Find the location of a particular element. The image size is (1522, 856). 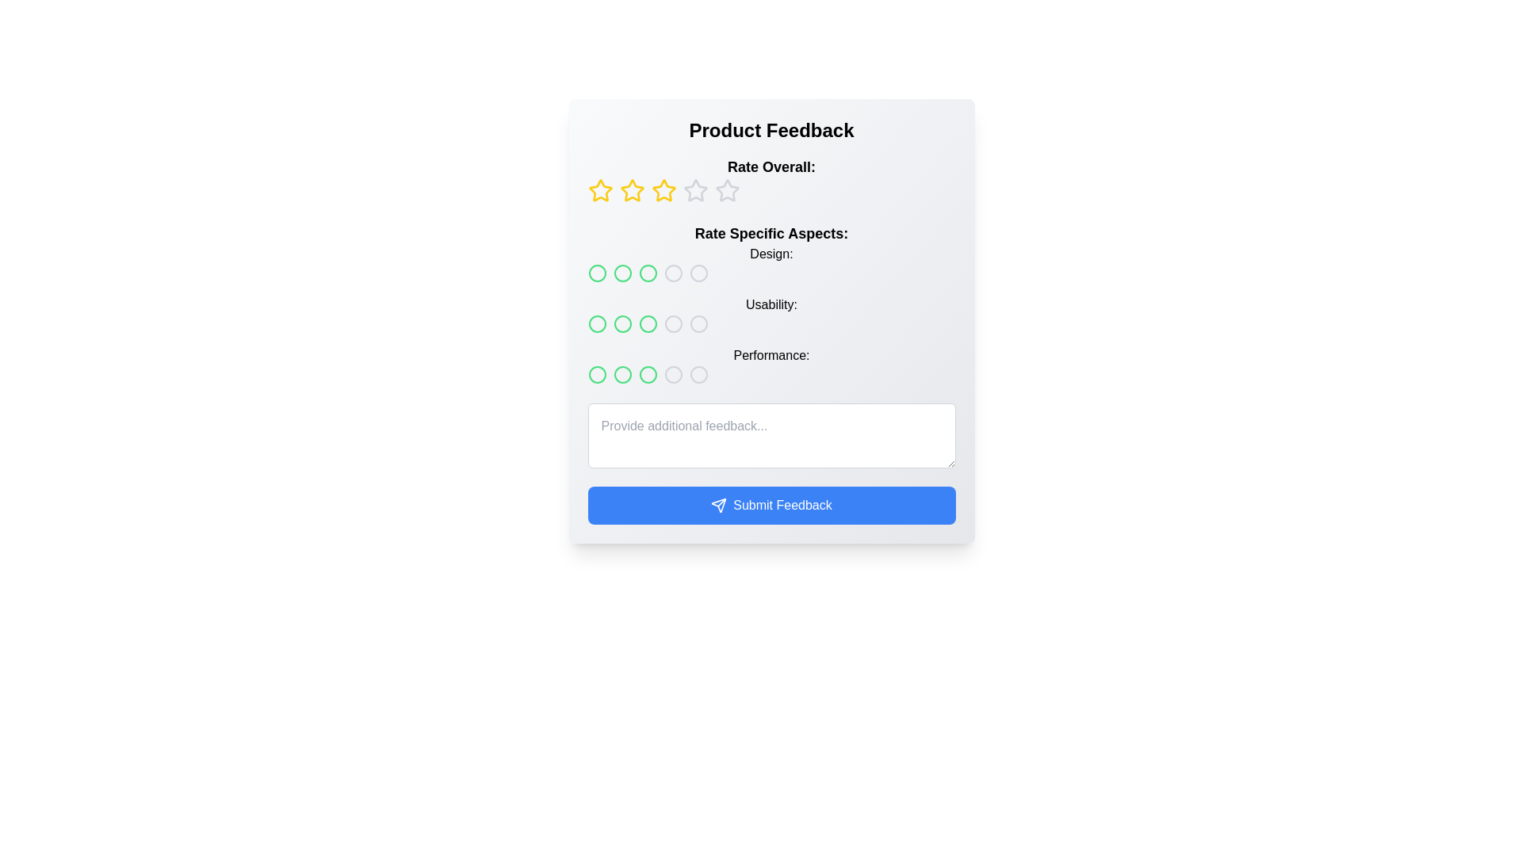

the fourth radio button in the 'Performance' row under 'Rate Specific Aspects' on the feedback form is located at coordinates (648, 375).